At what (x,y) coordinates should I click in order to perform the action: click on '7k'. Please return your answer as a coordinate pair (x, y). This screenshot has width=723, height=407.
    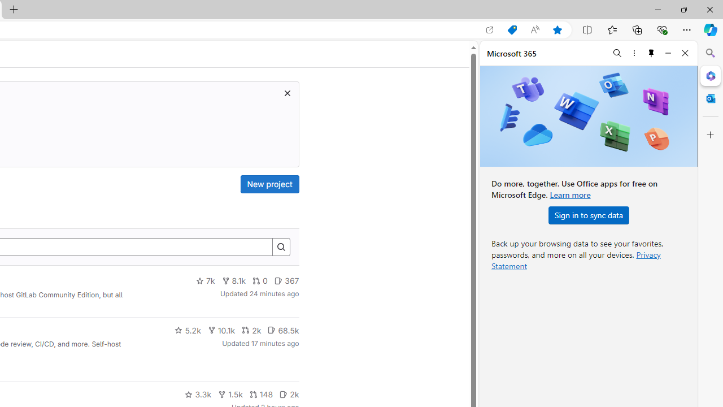
    Looking at the image, I should click on (205, 280).